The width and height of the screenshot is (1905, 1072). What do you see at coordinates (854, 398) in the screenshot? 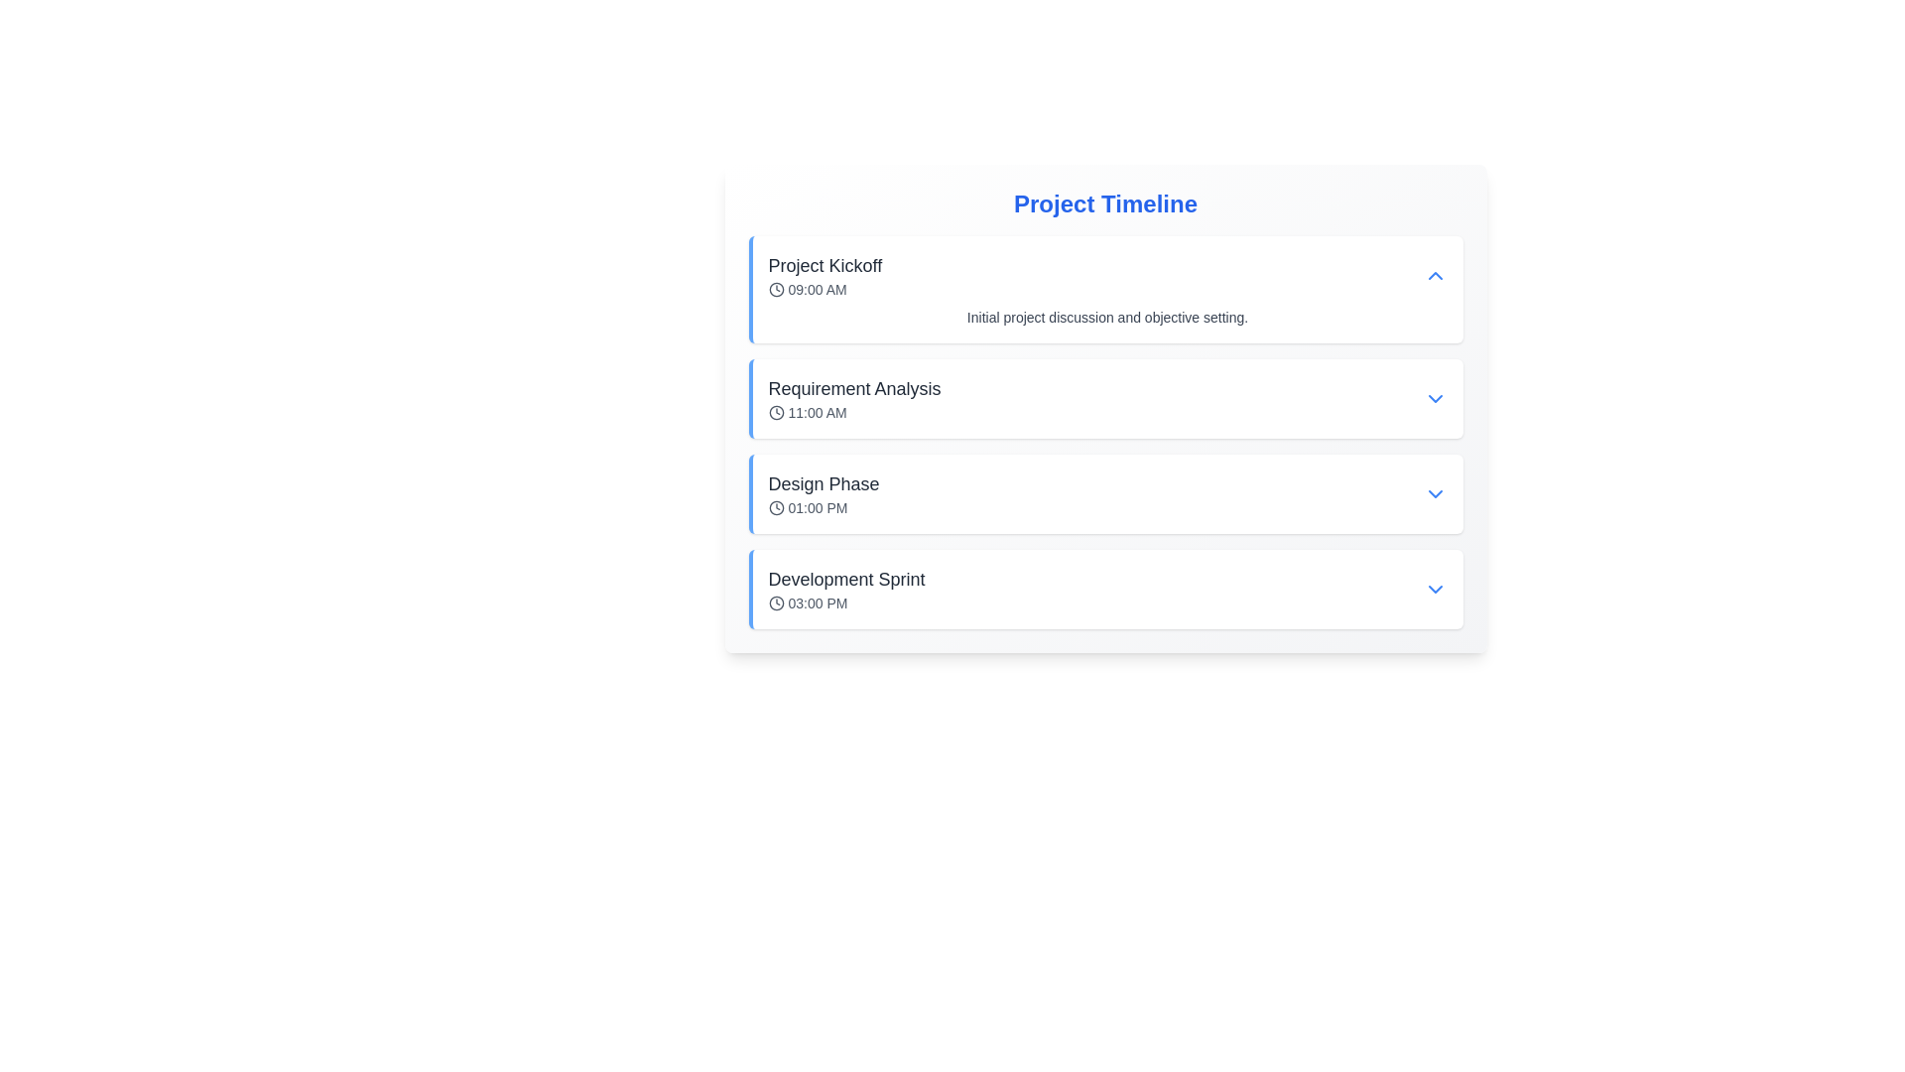
I see `the list item titled 'Requirement Analysis' with the timestamp '11:00 AM'` at bounding box center [854, 398].